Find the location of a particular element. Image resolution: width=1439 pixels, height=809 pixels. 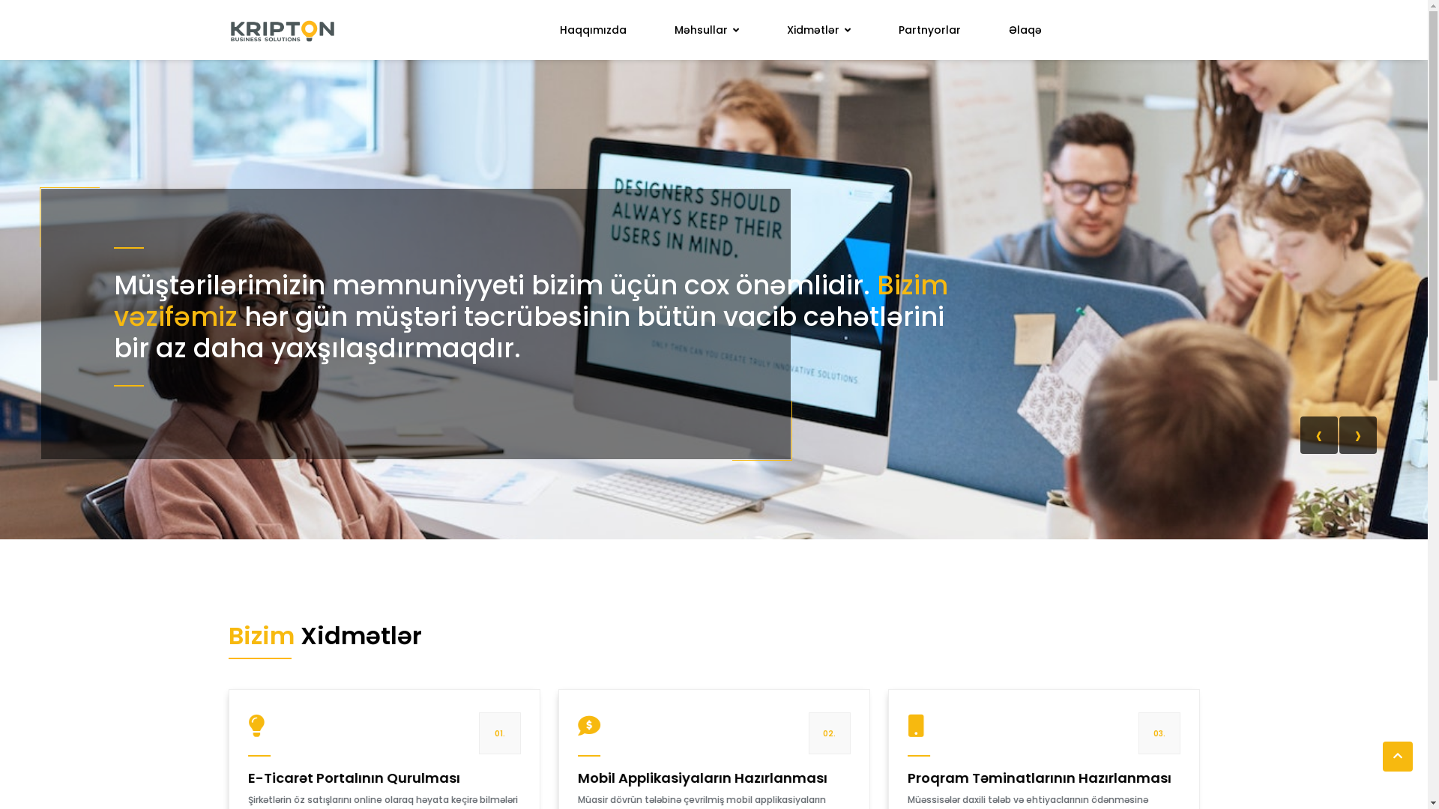

'#' is located at coordinates (1397, 757).